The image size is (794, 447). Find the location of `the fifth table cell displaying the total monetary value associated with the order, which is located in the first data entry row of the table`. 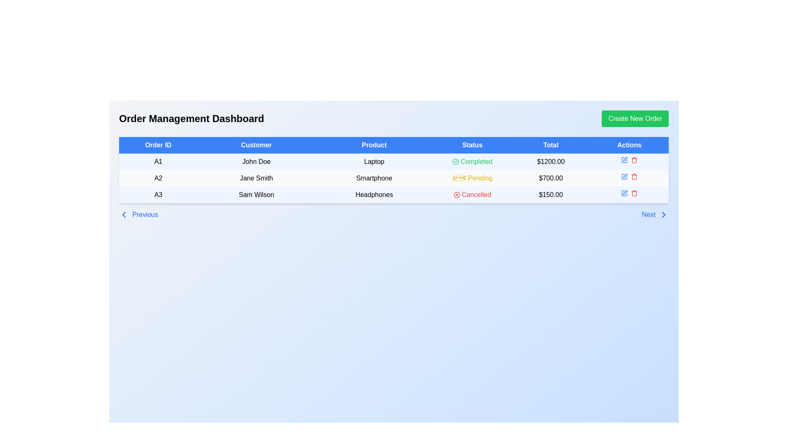

the fifth table cell displaying the total monetary value associated with the order, which is located in the first data entry row of the table is located at coordinates (551, 161).